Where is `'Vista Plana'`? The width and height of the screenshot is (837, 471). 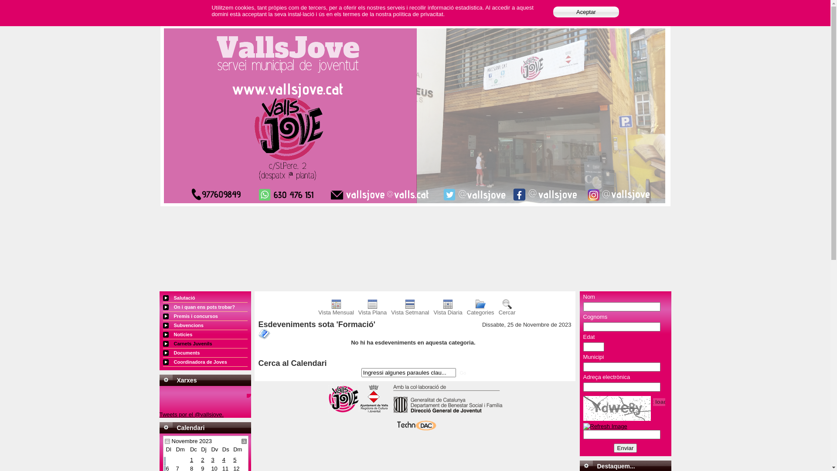
'Vista Plana' is located at coordinates (372, 309).